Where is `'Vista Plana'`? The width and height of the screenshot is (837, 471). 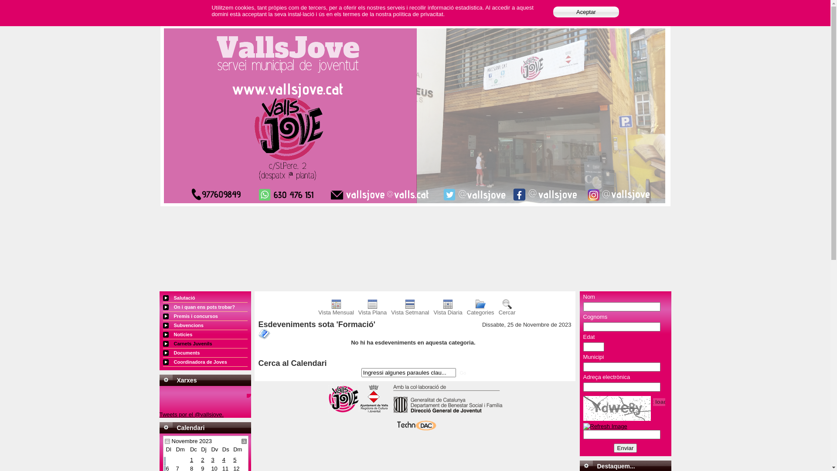
'Vista Plana' is located at coordinates (372, 309).